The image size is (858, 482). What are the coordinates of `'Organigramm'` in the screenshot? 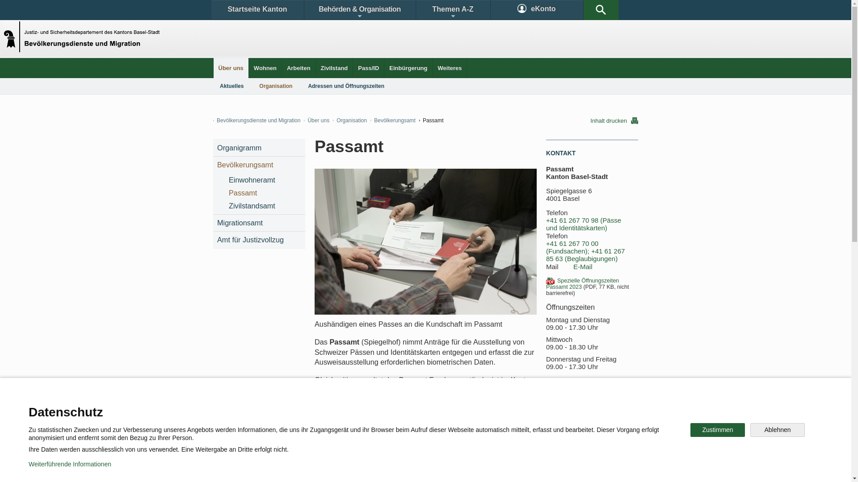 It's located at (259, 147).